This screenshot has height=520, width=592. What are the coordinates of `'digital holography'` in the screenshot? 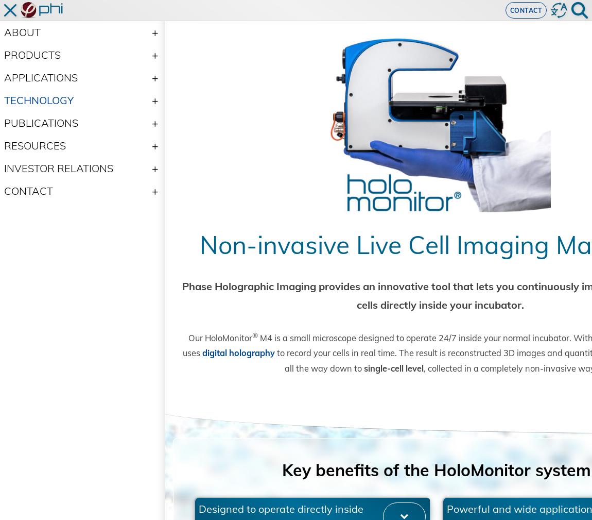 It's located at (318, 384).